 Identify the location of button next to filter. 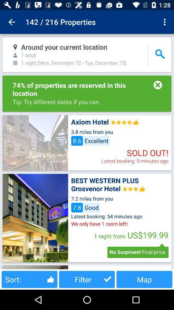
(144, 279).